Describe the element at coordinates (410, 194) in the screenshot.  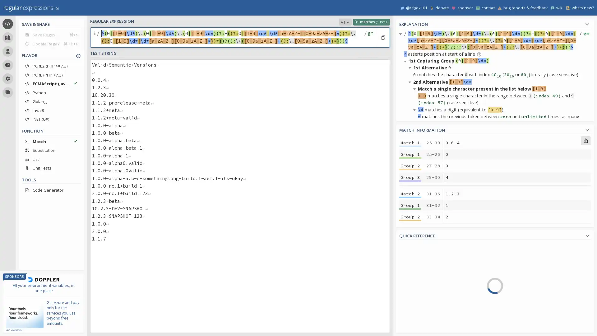
I see `Match 2` at that location.